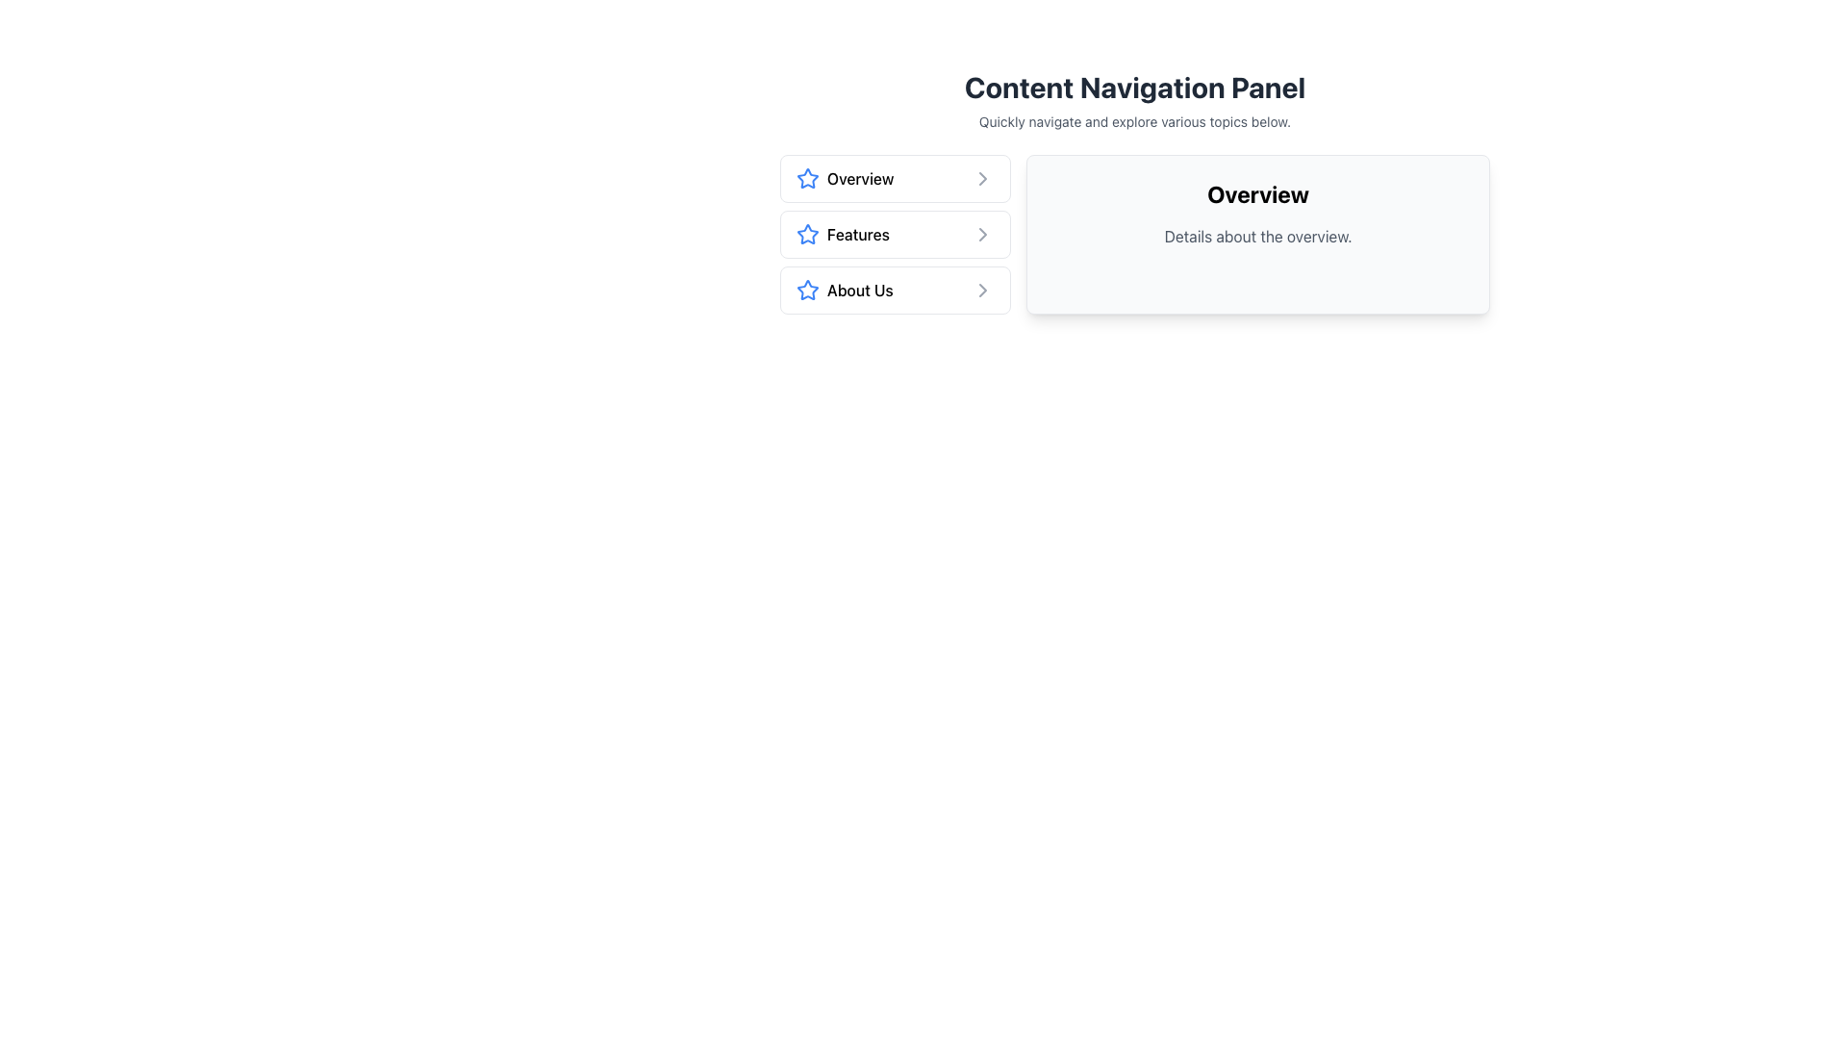  What do you see at coordinates (1258, 233) in the screenshot?
I see `information displayed within the Overview card, which features a bold title and a subtitle about the details` at bounding box center [1258, 233].